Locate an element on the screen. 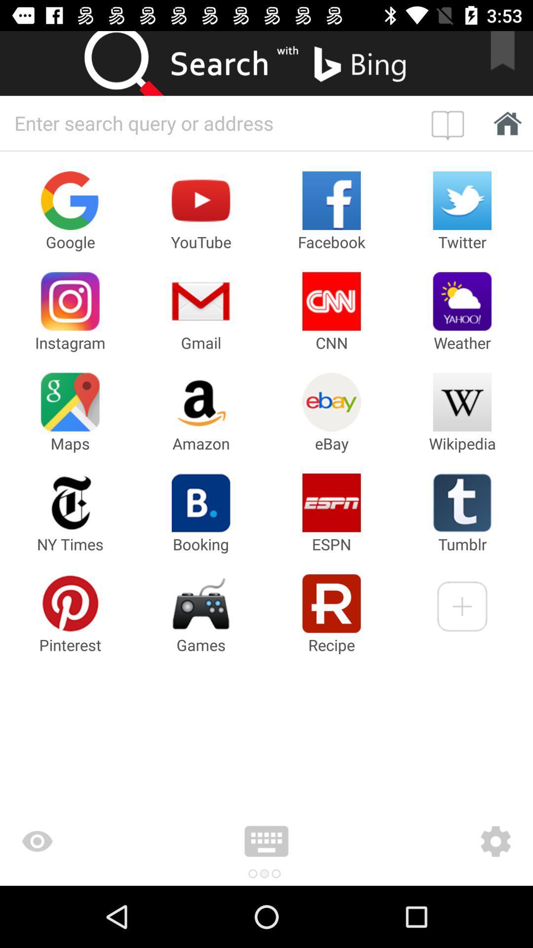  search characters is located at coordinates (213, 122).